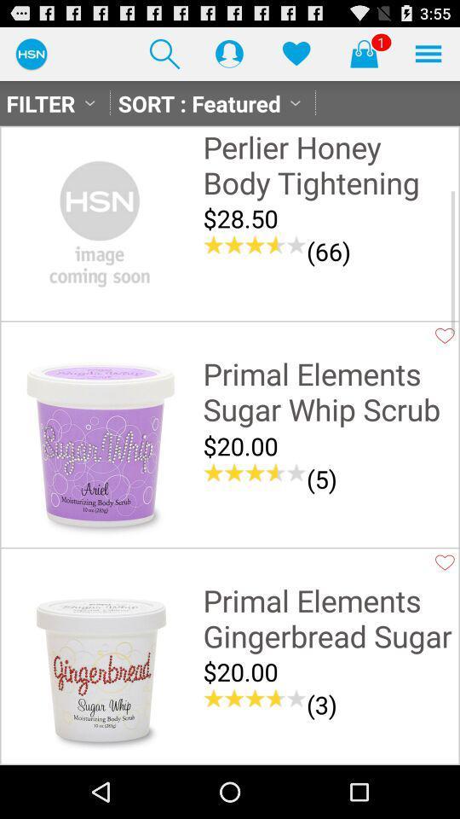 Image resolution: width=460 pixels, height=819 pixels. Describe the element at coordinates (100, 447) in the screenshot. I see `the icon to the left of primal elements sugar` at that location.